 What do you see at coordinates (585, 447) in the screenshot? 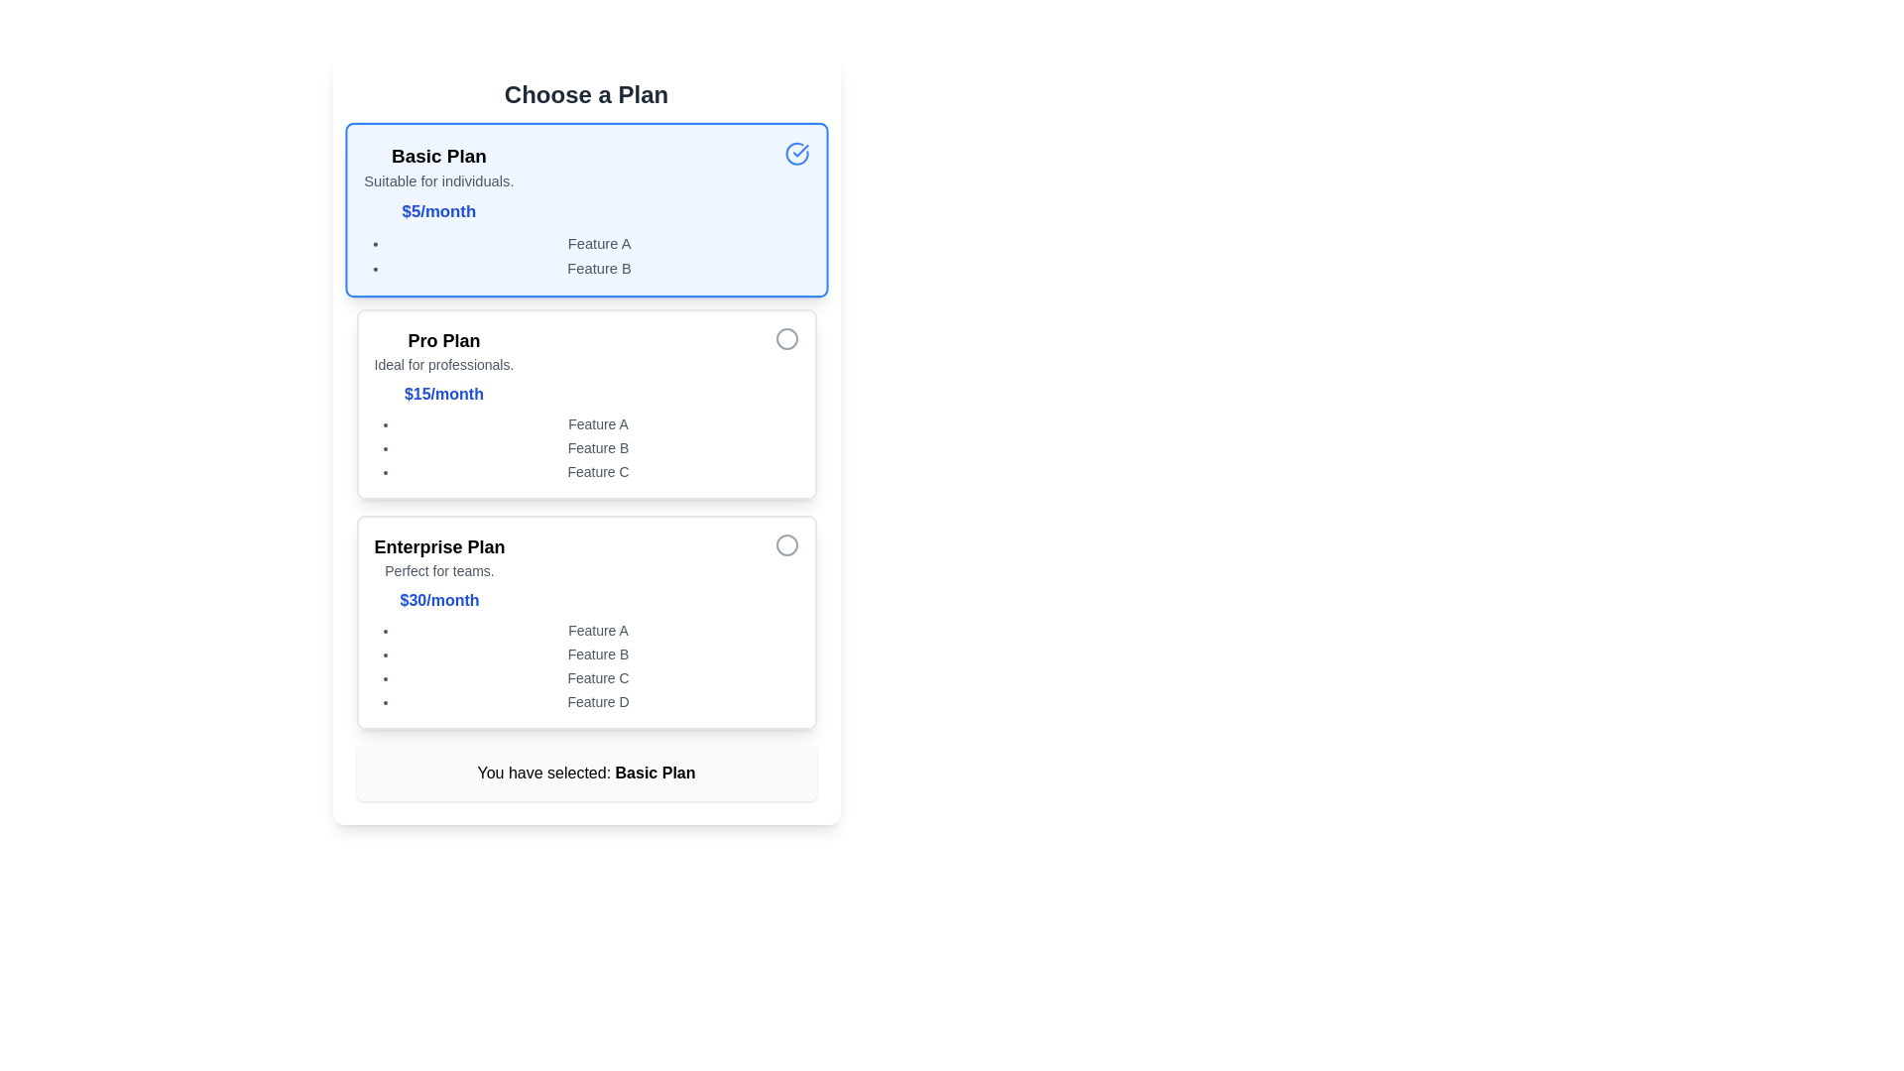
I see `the text in the vertical list of features labeled 'Feature A', 'Feature B', and 'Feature C', which is styled in a small gray font and located within the 'Pro Plan' card below the subscription price details` at bounding box center [585, 447].